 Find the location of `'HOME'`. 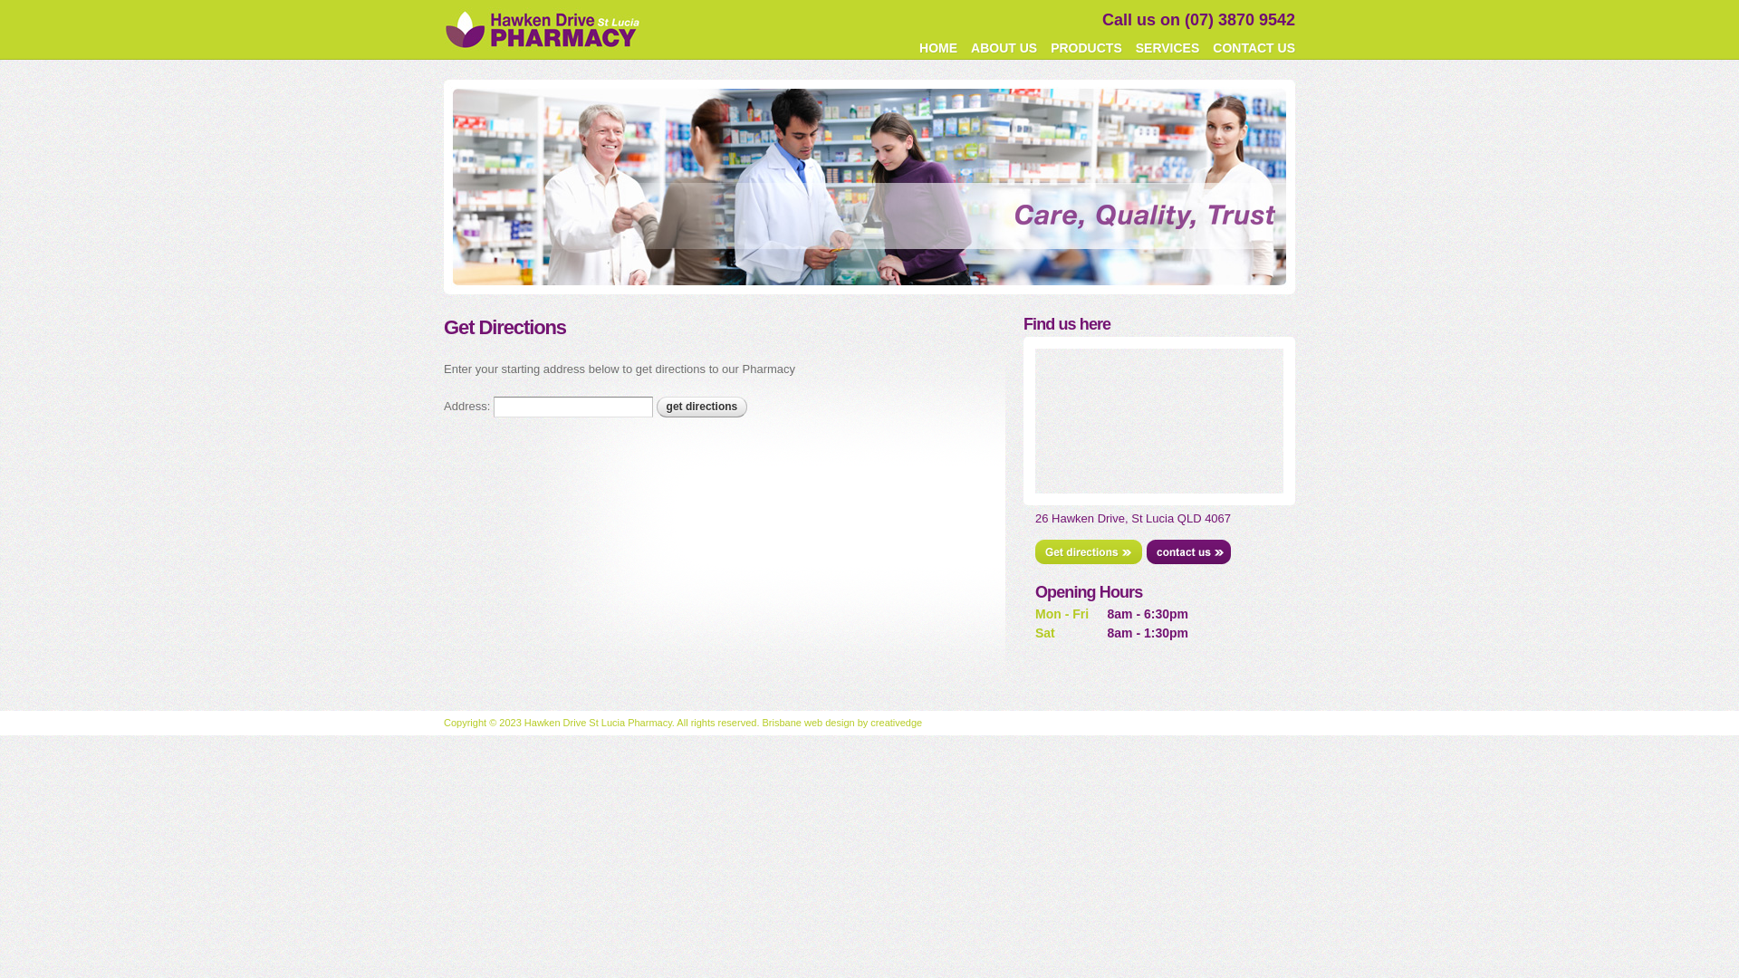

'HOME' is located at coordinates (938, 47).